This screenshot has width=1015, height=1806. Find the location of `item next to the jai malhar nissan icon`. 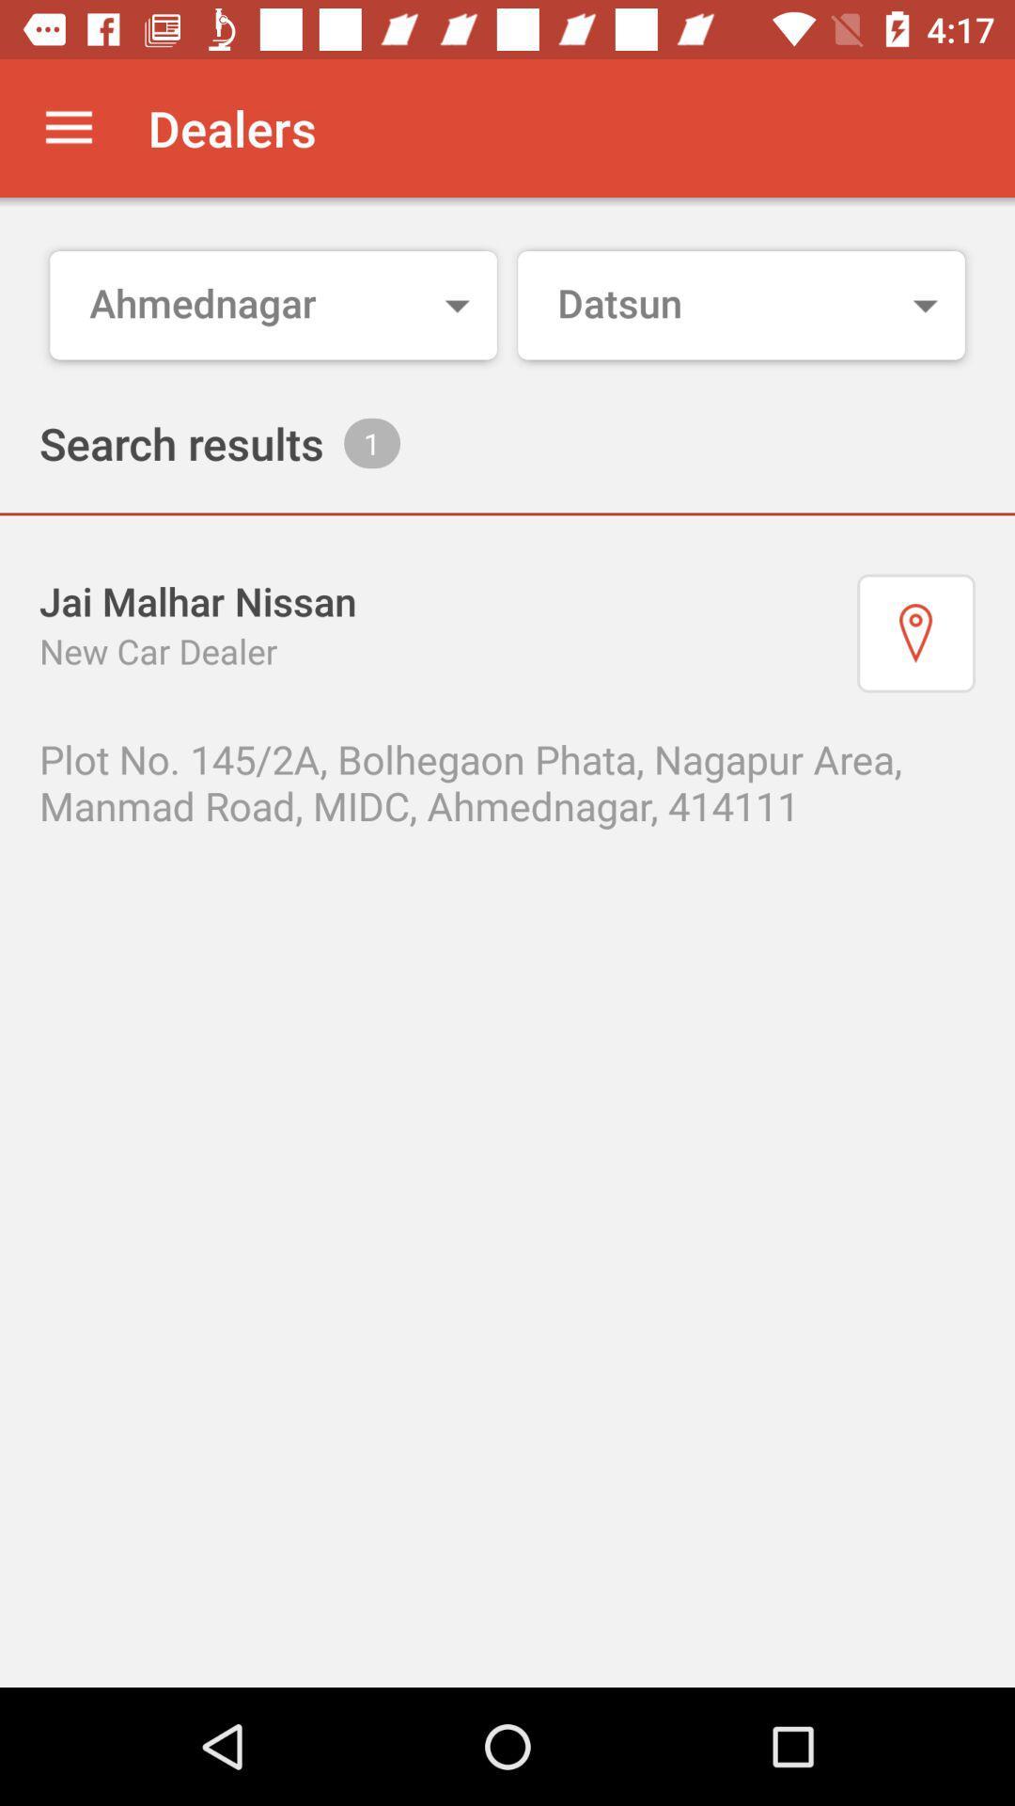

item next to the jai malhar nissan icon is located at coordinates (915, 633).